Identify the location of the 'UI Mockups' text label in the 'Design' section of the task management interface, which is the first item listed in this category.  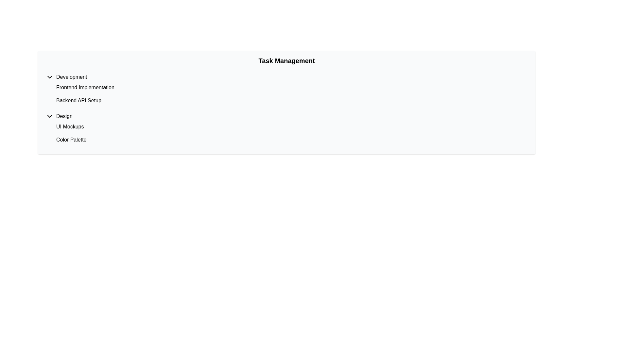
(70, 127).